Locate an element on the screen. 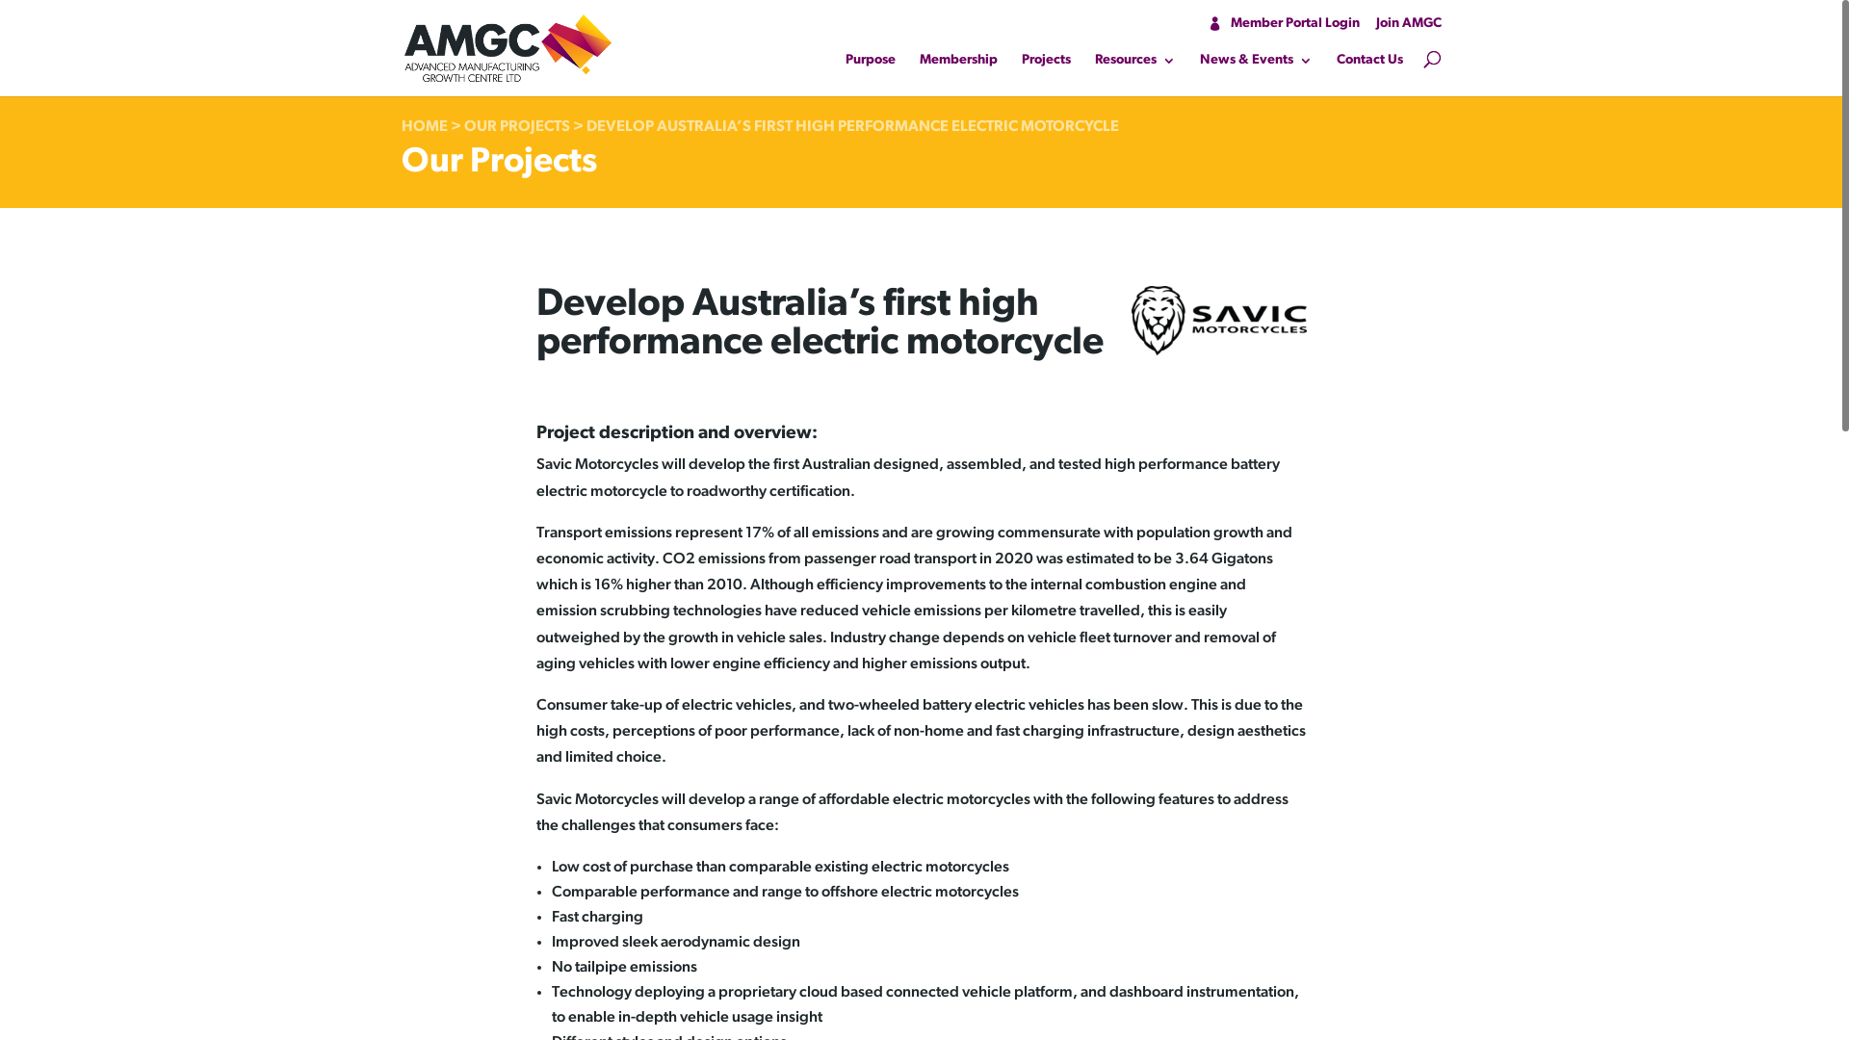  'OUR PROJECTS' is located at coordinates (463, 126).